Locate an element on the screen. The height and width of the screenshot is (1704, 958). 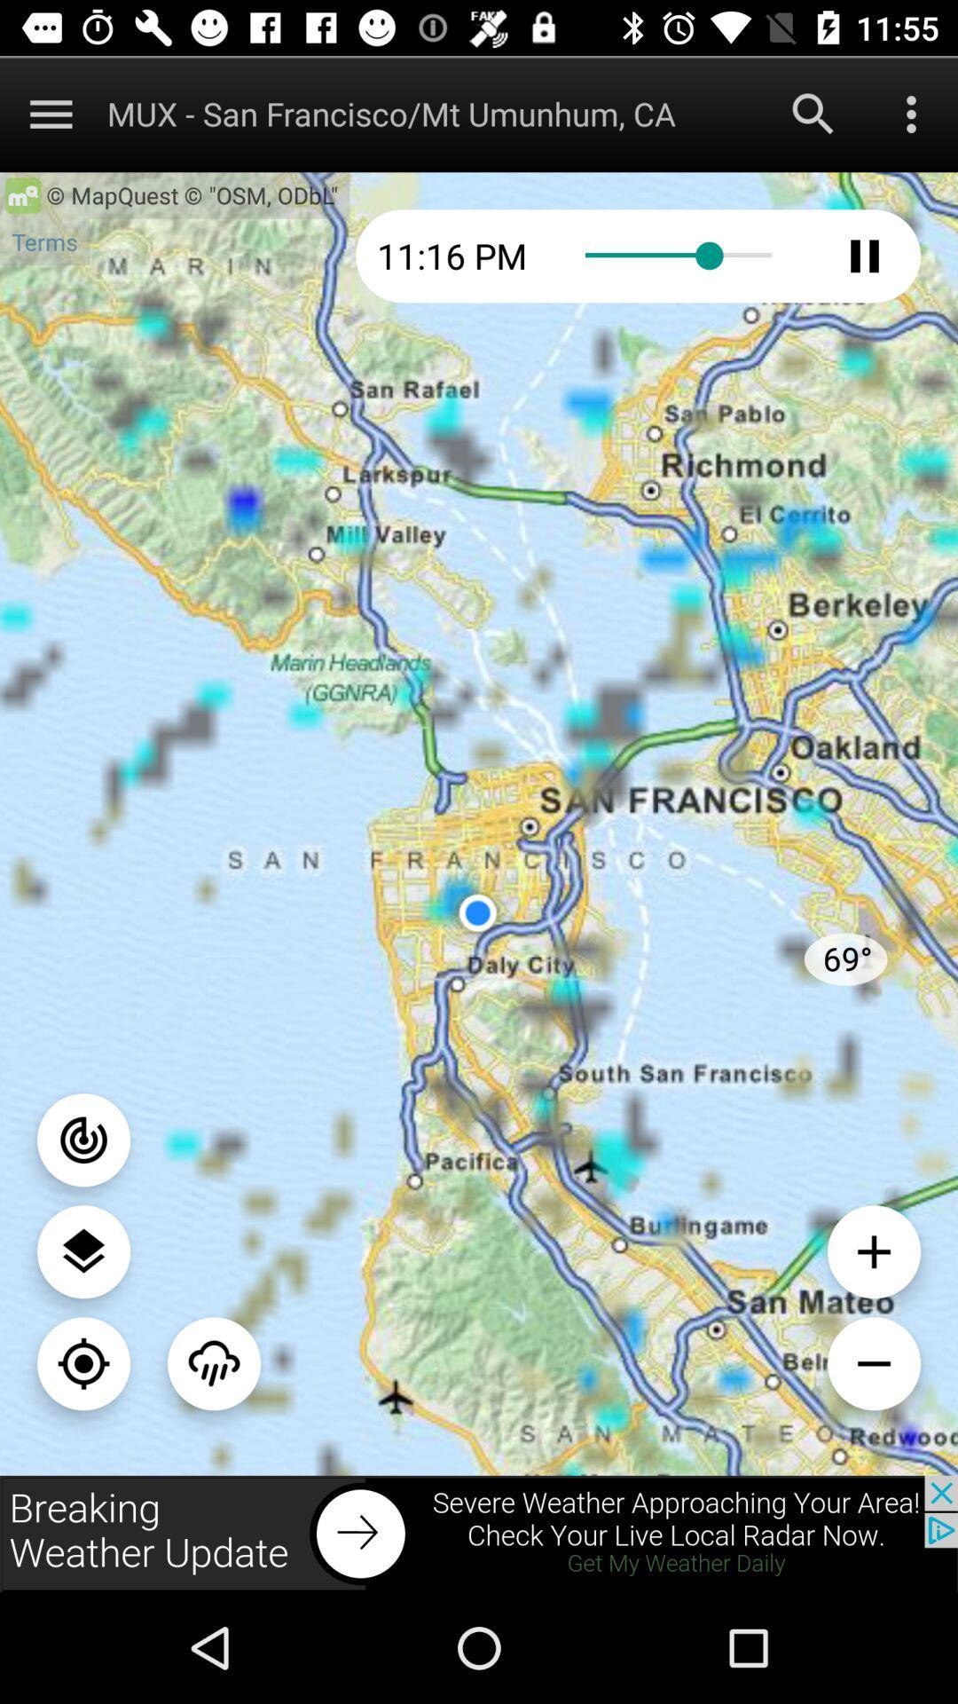
turn on information is located at coordinates (83, 1140).